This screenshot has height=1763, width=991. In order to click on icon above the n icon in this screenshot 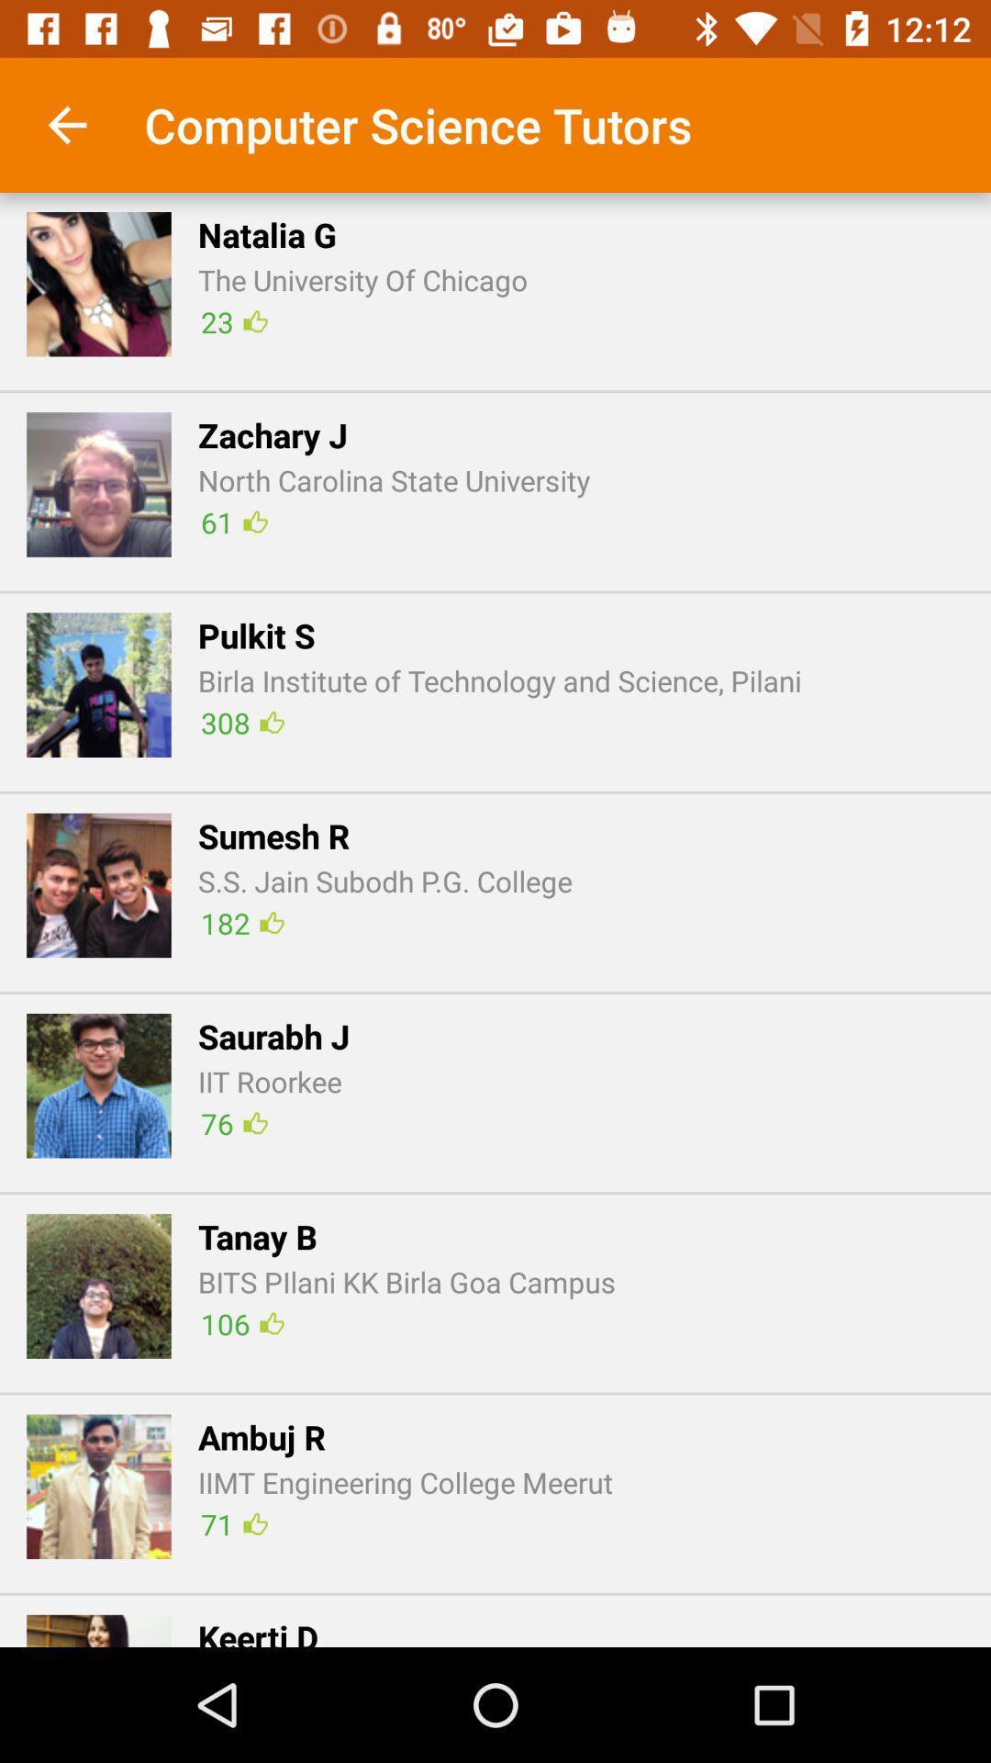, I will do `click(66, 124)`.